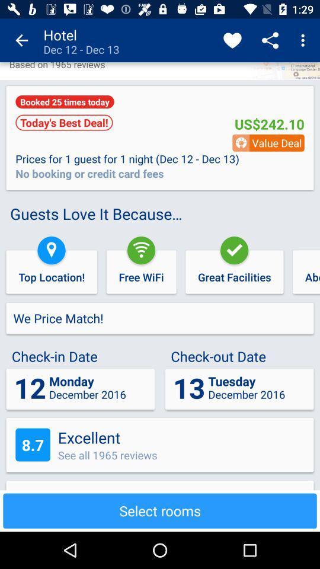 Image resolution: width=320 pixels, height=569 pixels. I want to click on icon to the right of the hotel dec 12 app, so click(233, 40).